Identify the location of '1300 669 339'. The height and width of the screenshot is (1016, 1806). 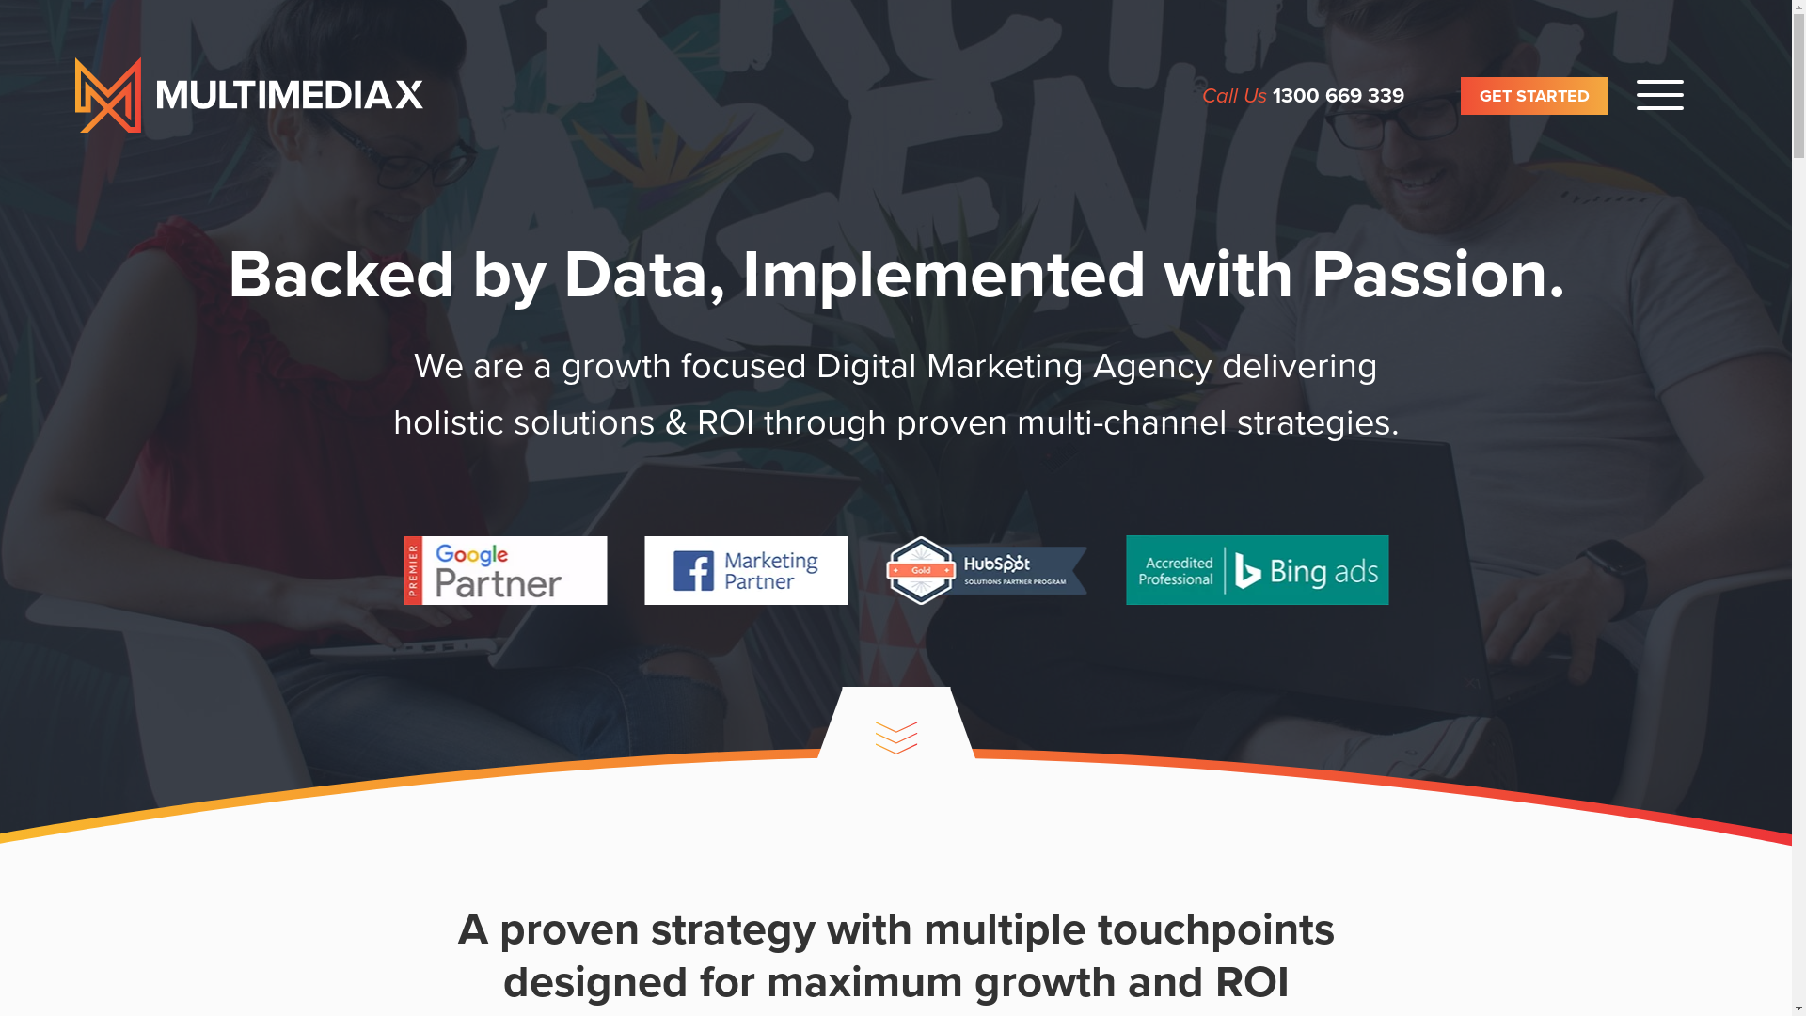
(1337, 95).